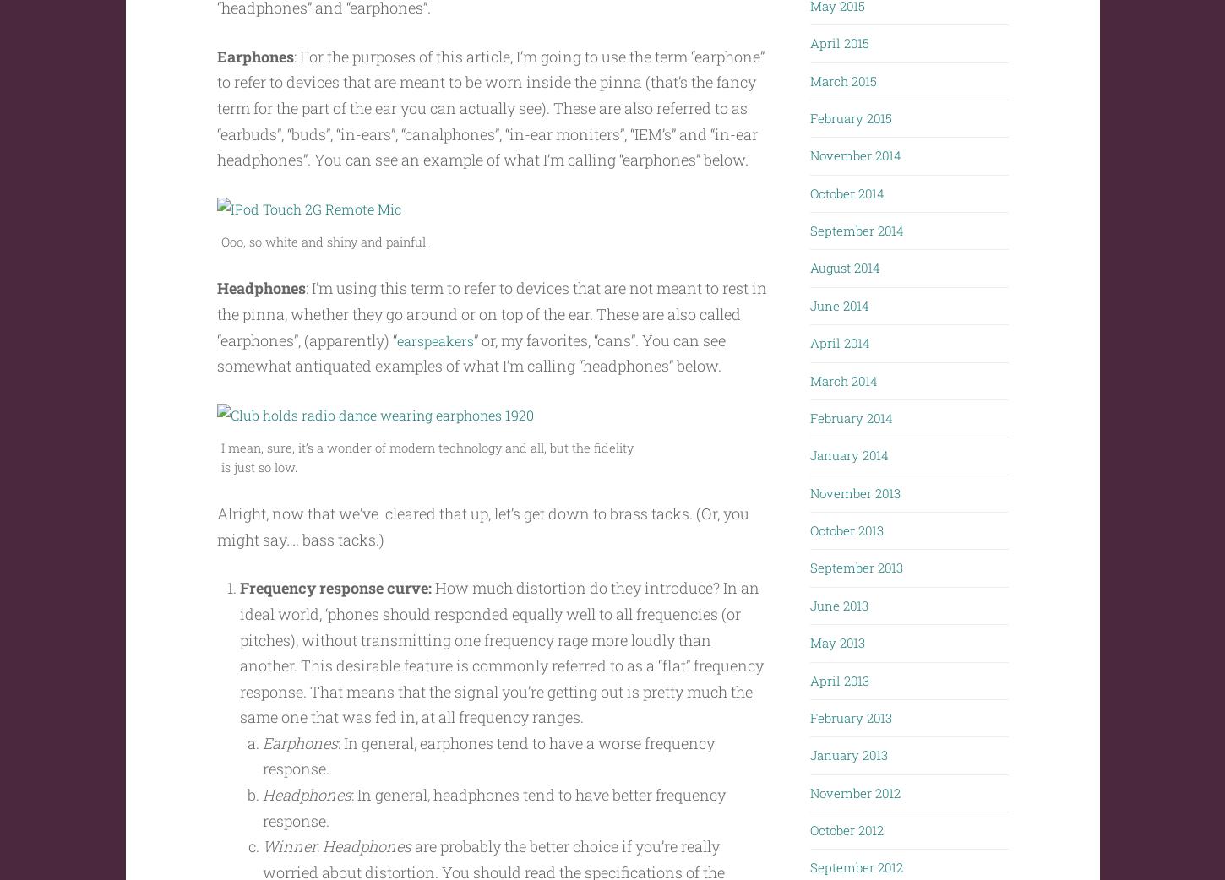  I want to click on 'January 2013', so click(809, 750).